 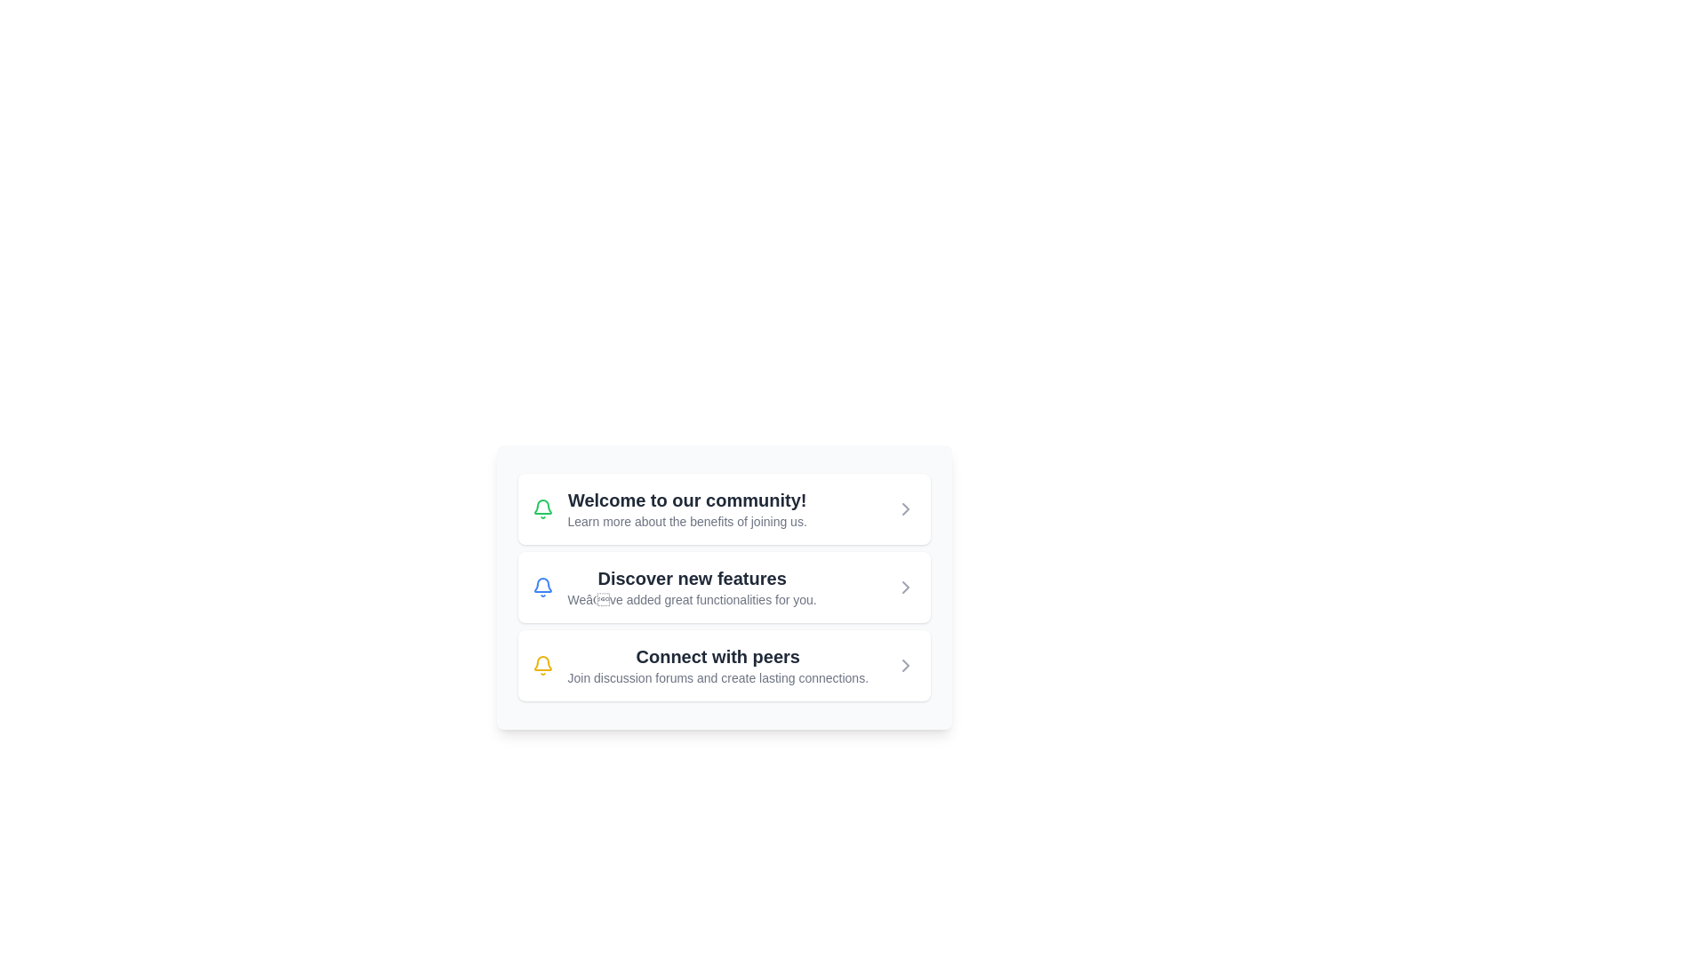 I want to click on the descriptive text element located below the heading 'Connect with peers', which provides additional information about connecting with peers, so click(x=717, y=678).